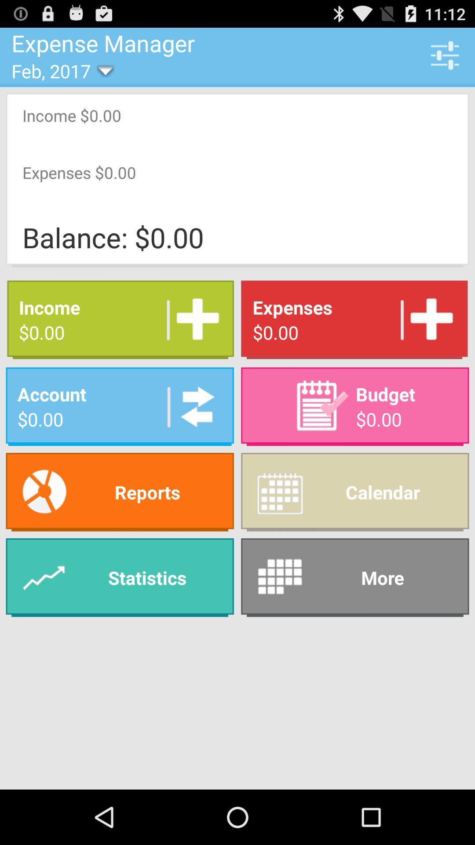 The width and height of the screenshot is (475, 845). Describe the element at coordinates (354, 577) in the screenshot. I see `app at the bottom right corner` at that location.